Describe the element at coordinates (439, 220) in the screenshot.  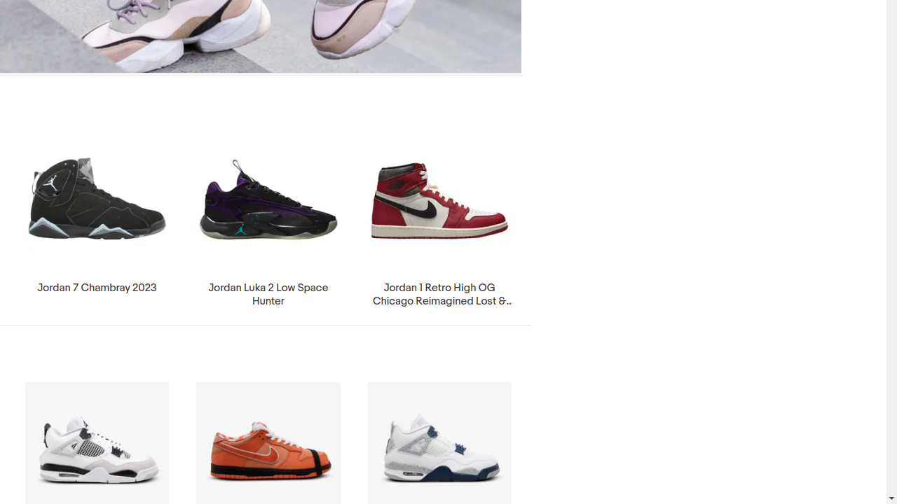
I see `'Jordan 1 Retro High OG Chicago Reimagined Lost & Found 2022'` at that location.